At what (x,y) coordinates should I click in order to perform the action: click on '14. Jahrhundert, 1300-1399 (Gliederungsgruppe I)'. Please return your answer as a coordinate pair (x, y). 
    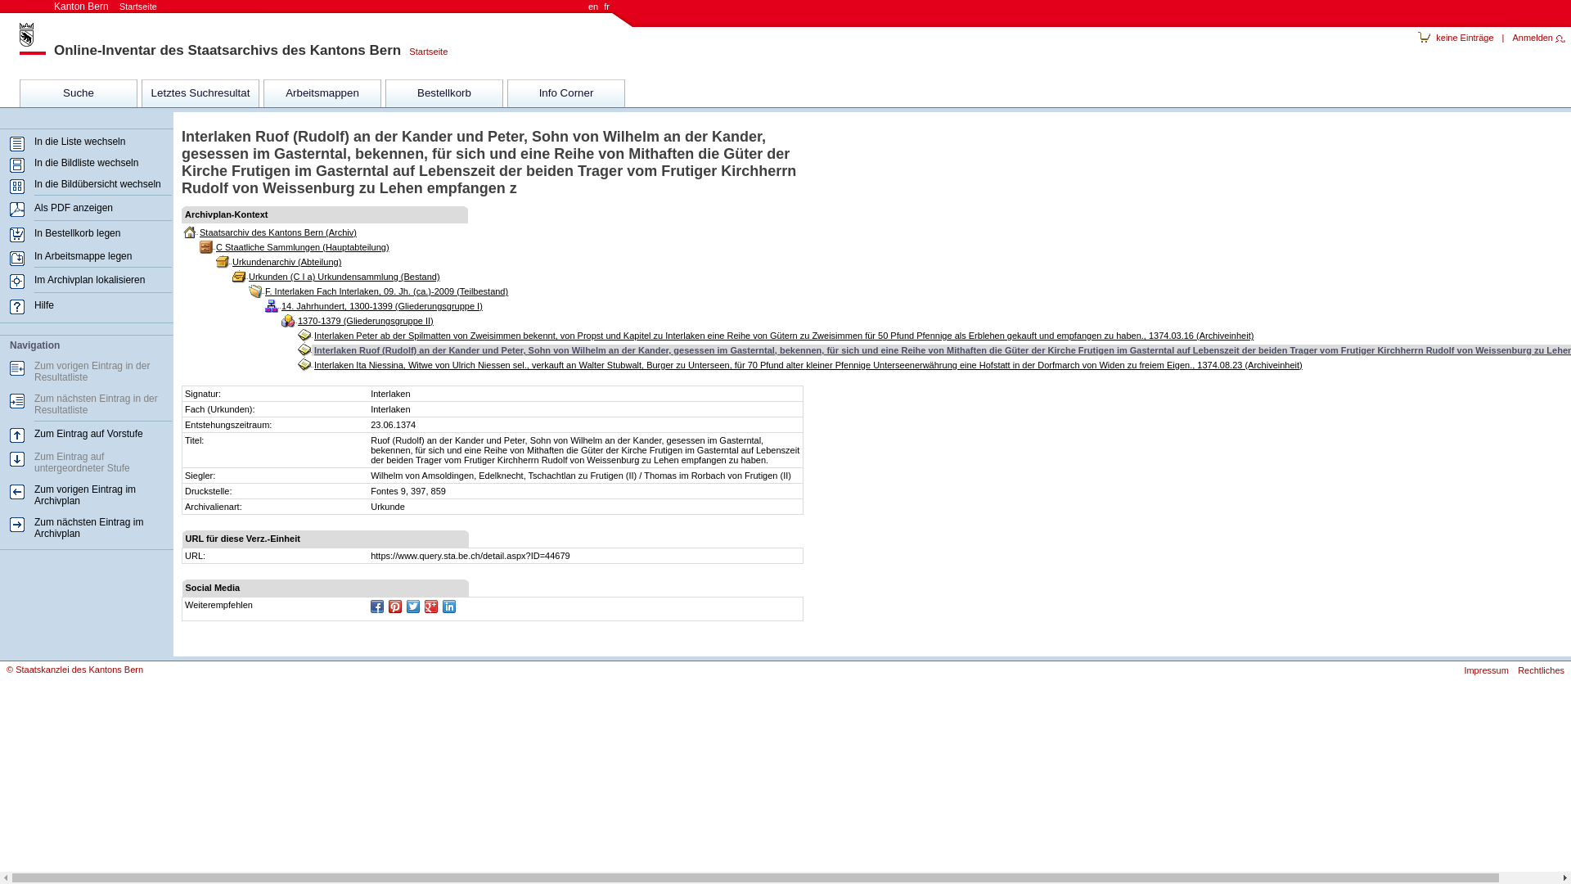
    Looking at the image, I should click on (278, 306).